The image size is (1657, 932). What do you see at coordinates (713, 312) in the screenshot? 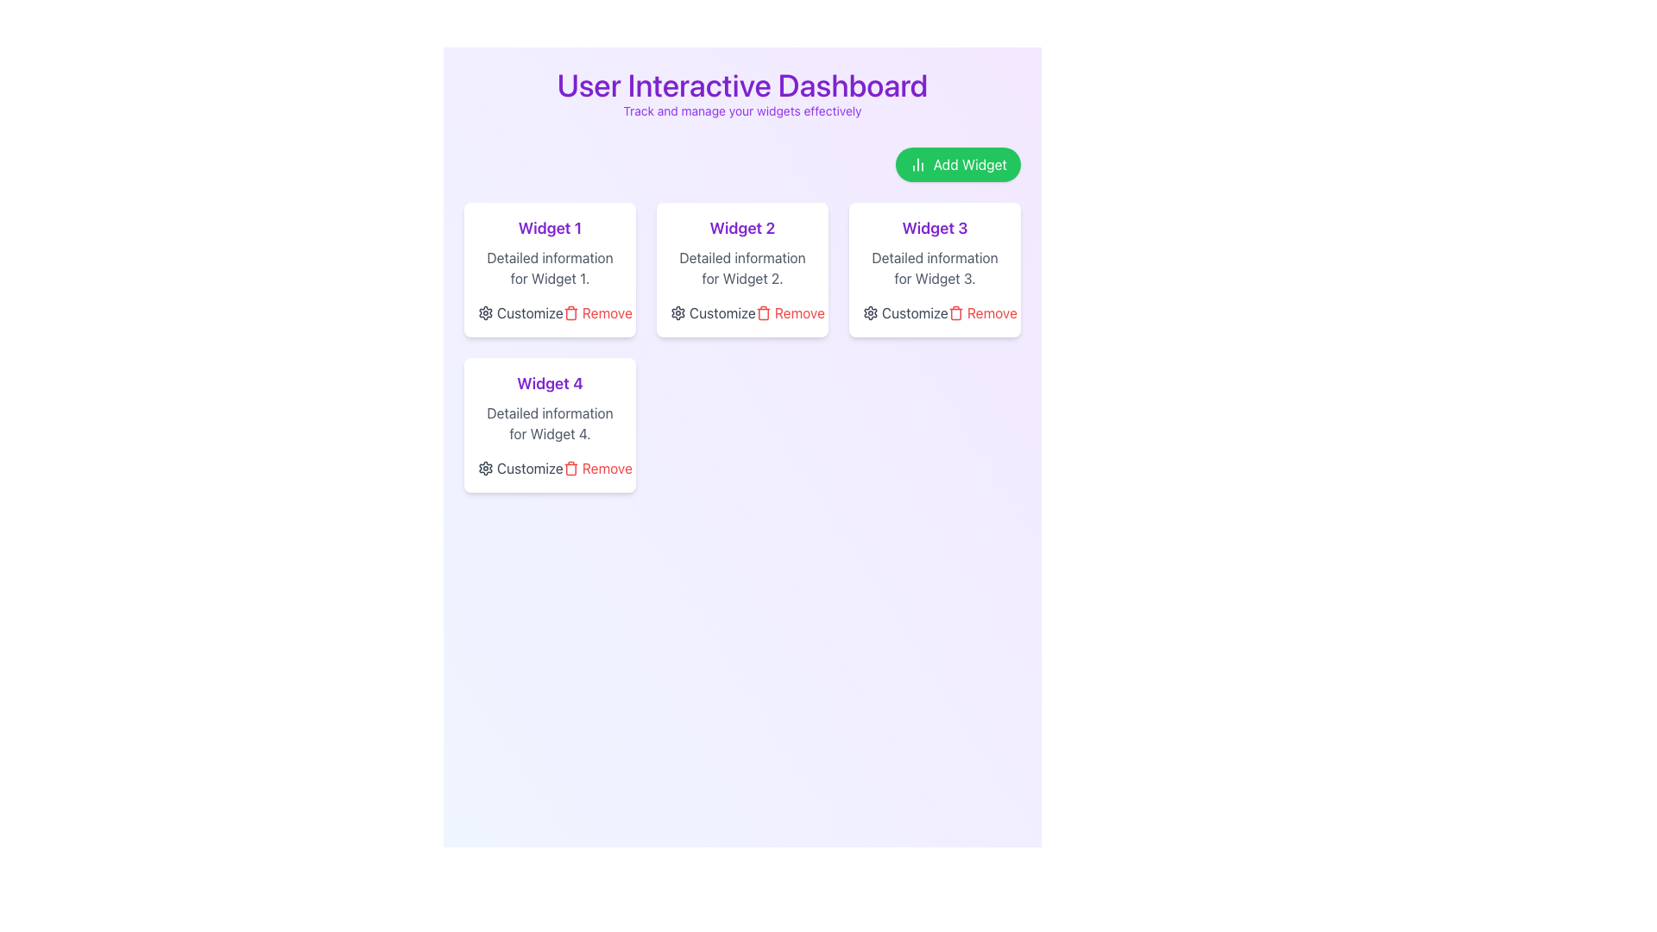
I see `the 'Customize' button, which is a rectangular button labeled 'Customize' with a settings gear icon, located beneath 'Widget 2.'` at bounding box center [713, 312].